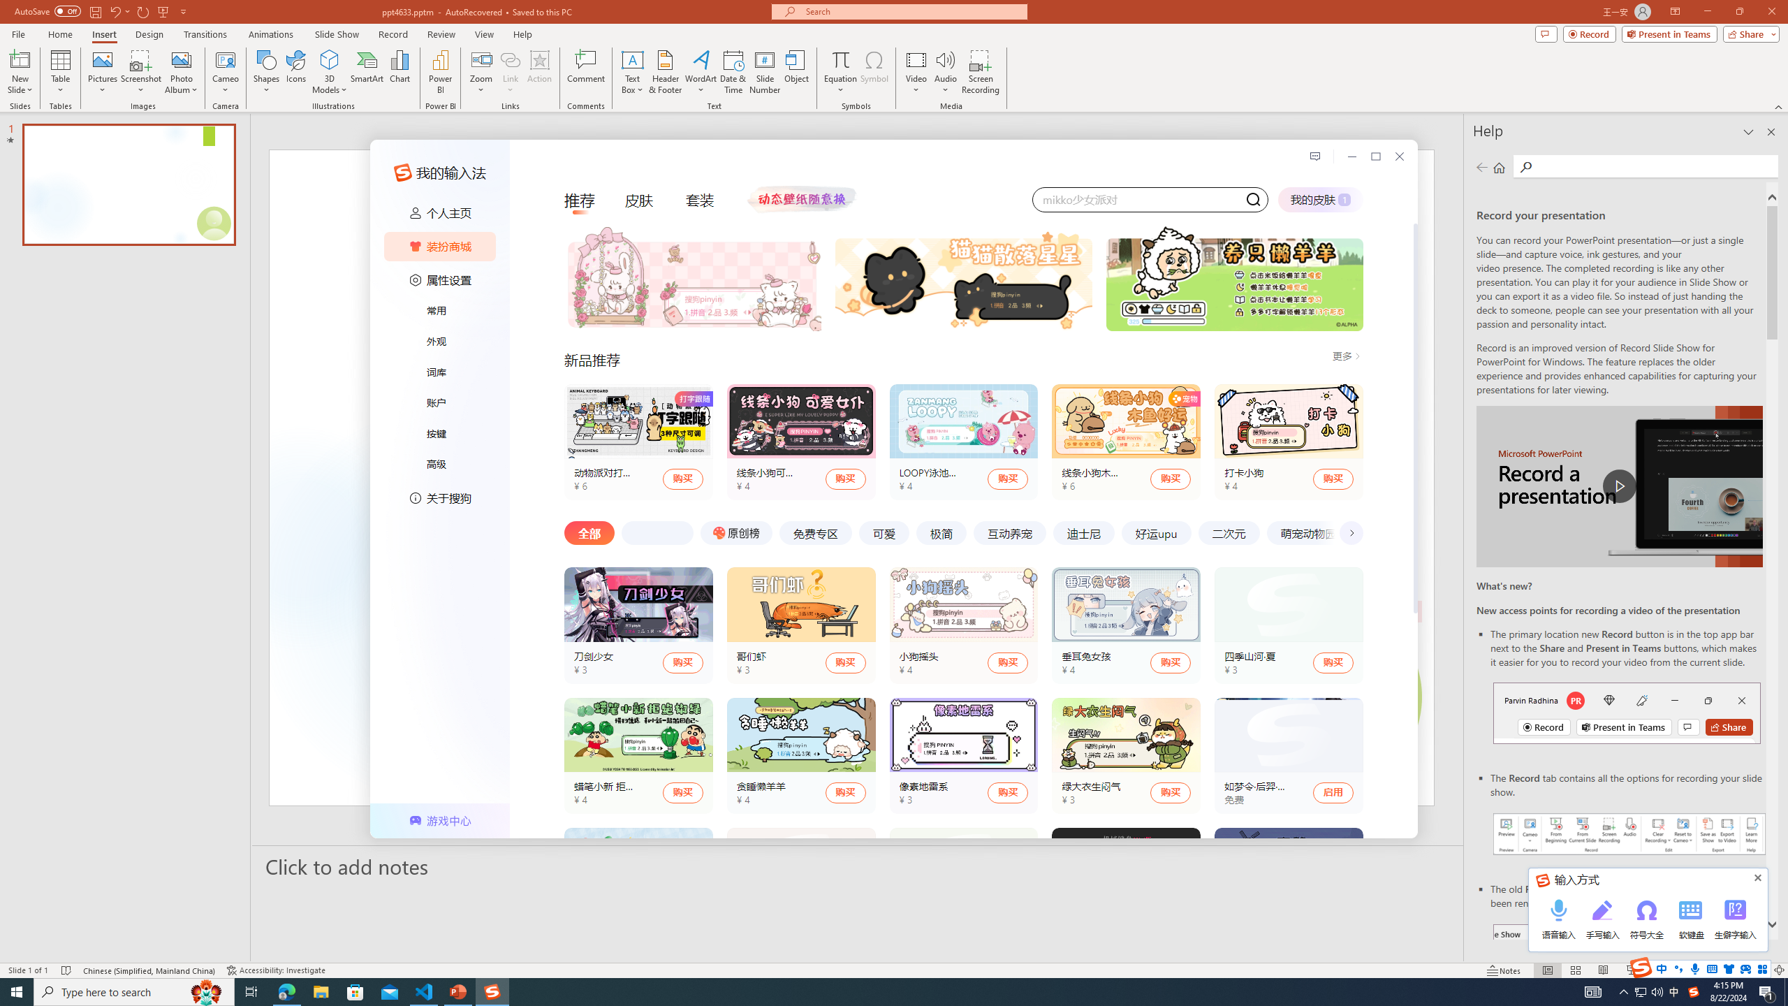  Describe the element at coordinates (980, 72) in the screenshot. I see `'Screen Recording...'` at that location.